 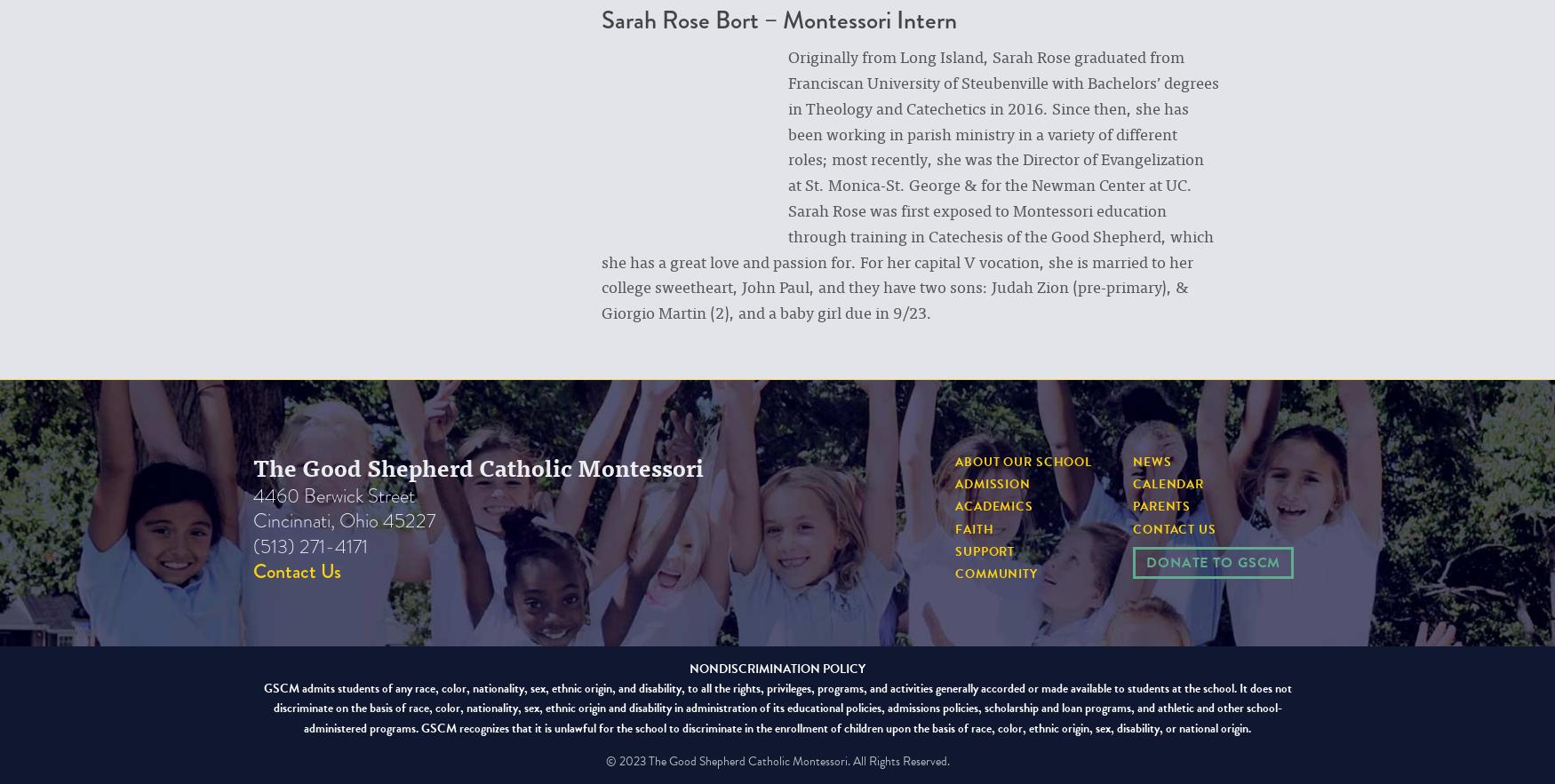 What do you see at coordinates (477, 465) in the screenshot?
I see `'The Good Shepherd Catholic Montessori'` at bounding box center [477, 465].